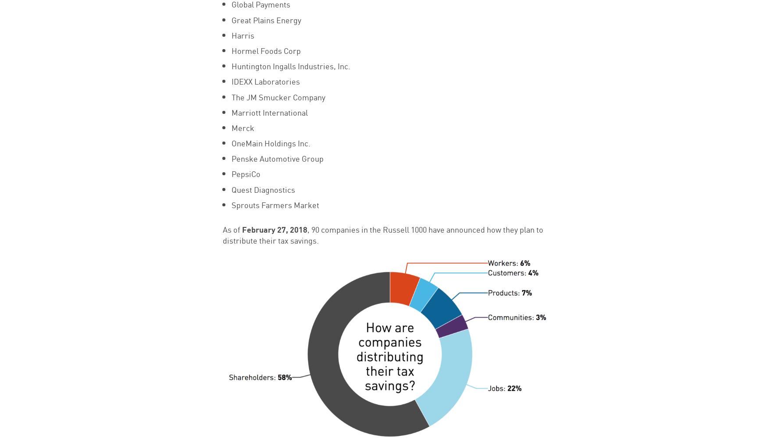 The image size is (774, 439). I want to click on 'Merck', so click(242, 126).